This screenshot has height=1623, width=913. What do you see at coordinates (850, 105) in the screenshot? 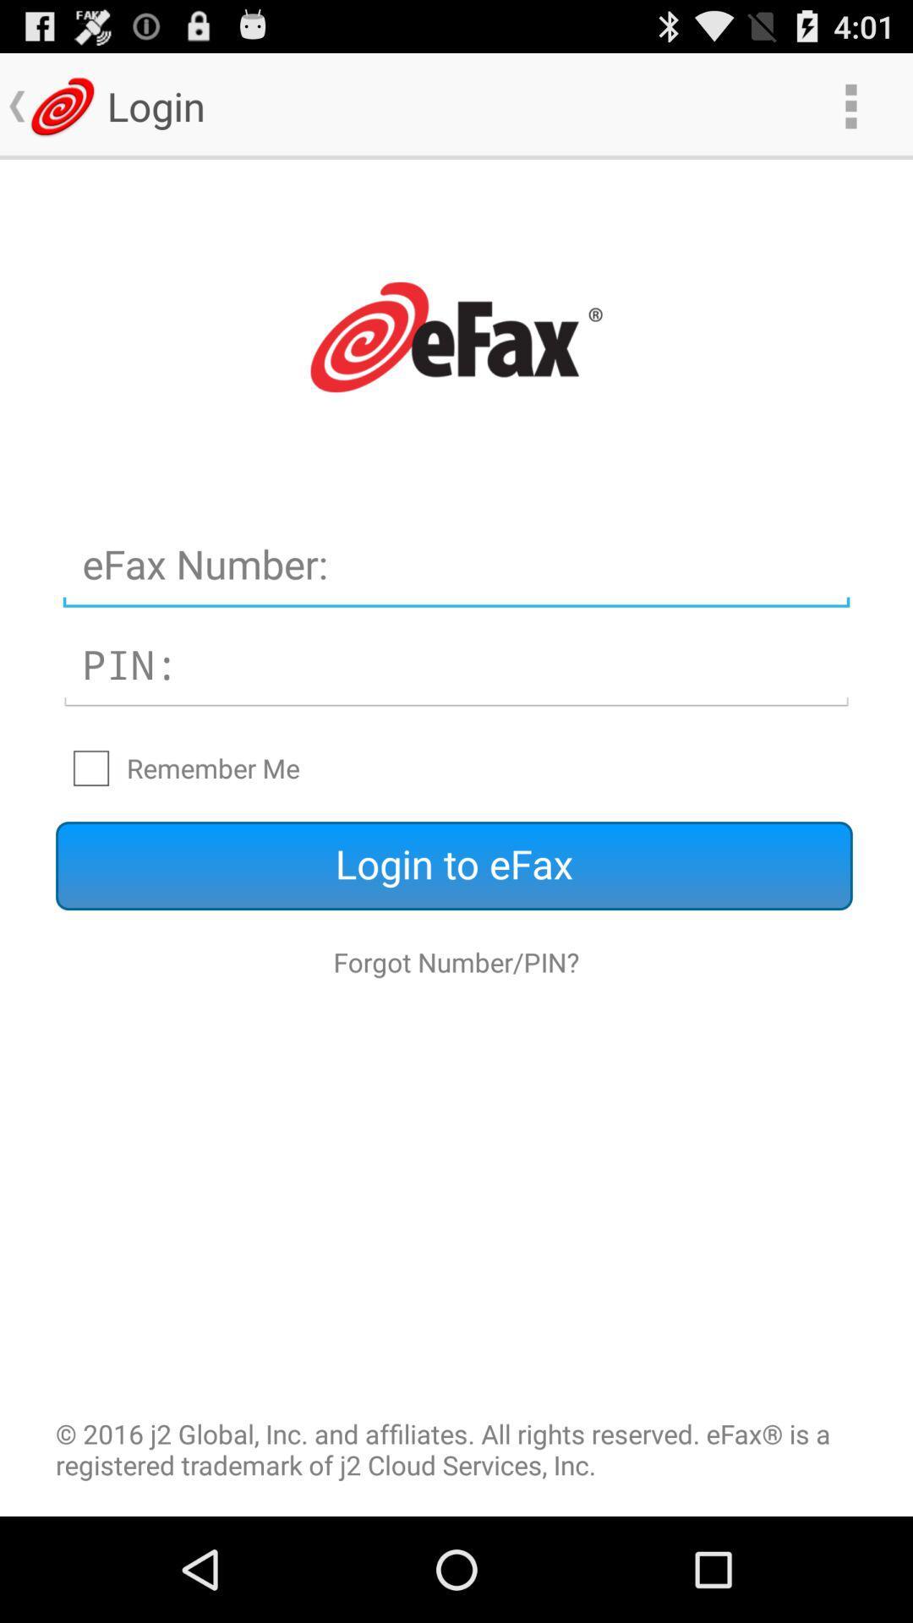
I see `icon to the right of login icon` at bounding box center [850, 105].